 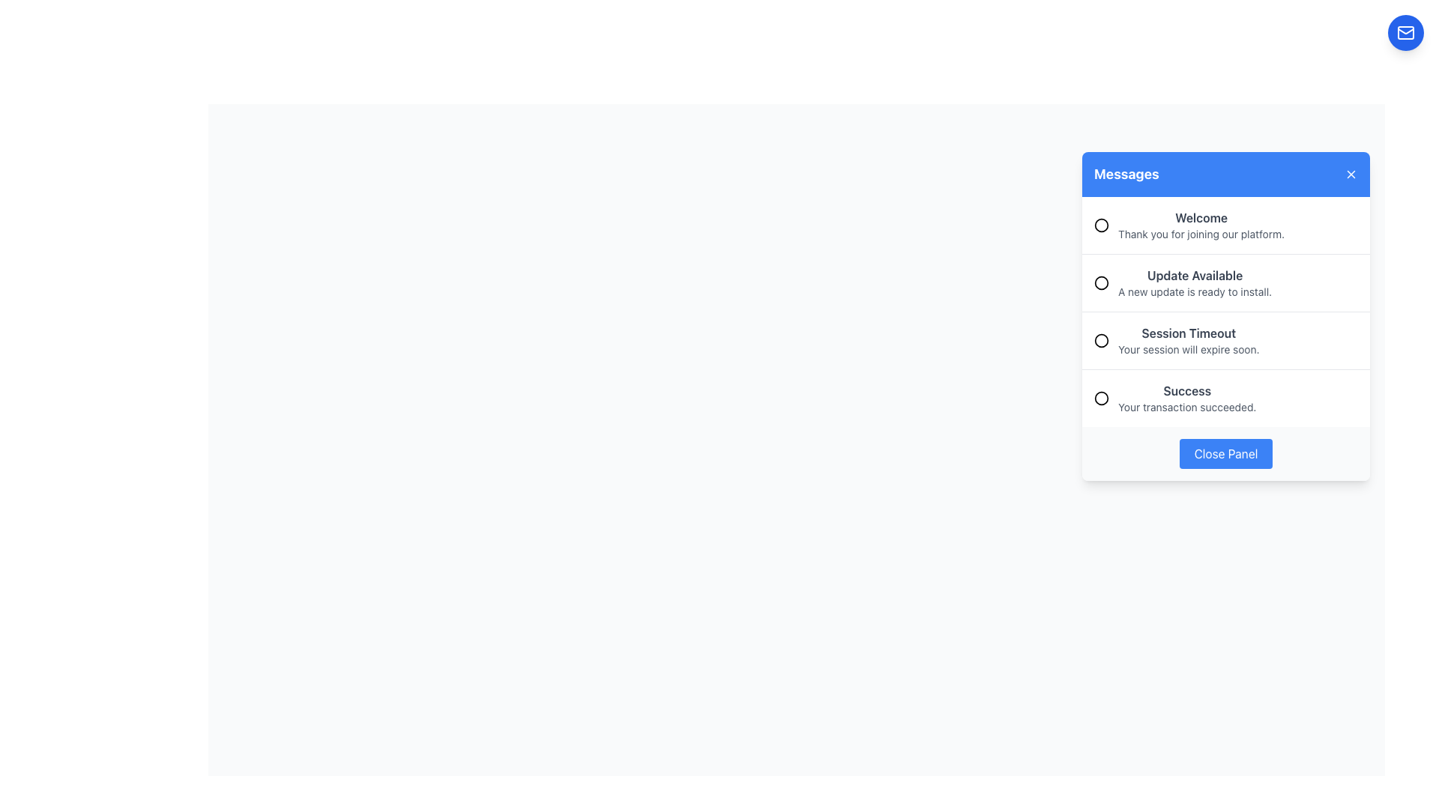 I want to click on the Circle shape icon in the 'Update Available' group within the 'Messages' panel to visually mark a status or option, so click(x=1101, y=283).